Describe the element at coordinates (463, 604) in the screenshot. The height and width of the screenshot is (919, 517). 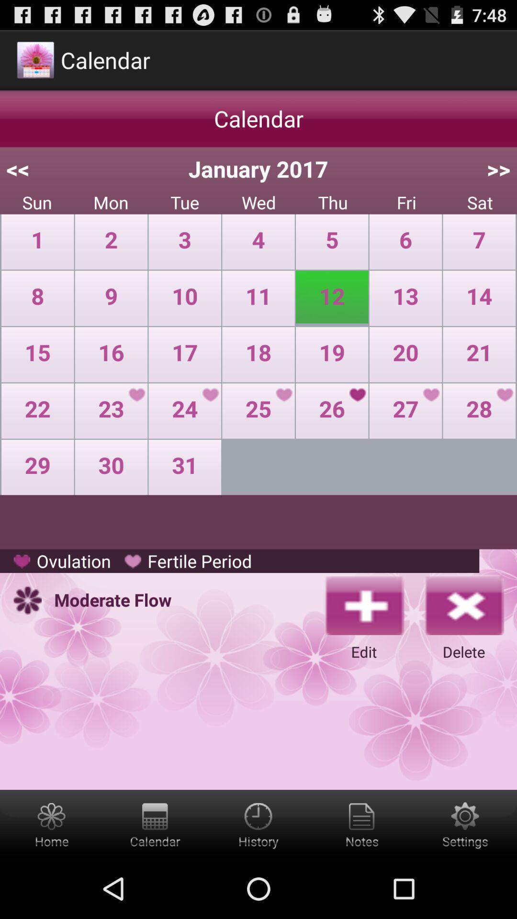
I see `delete info` at that location.